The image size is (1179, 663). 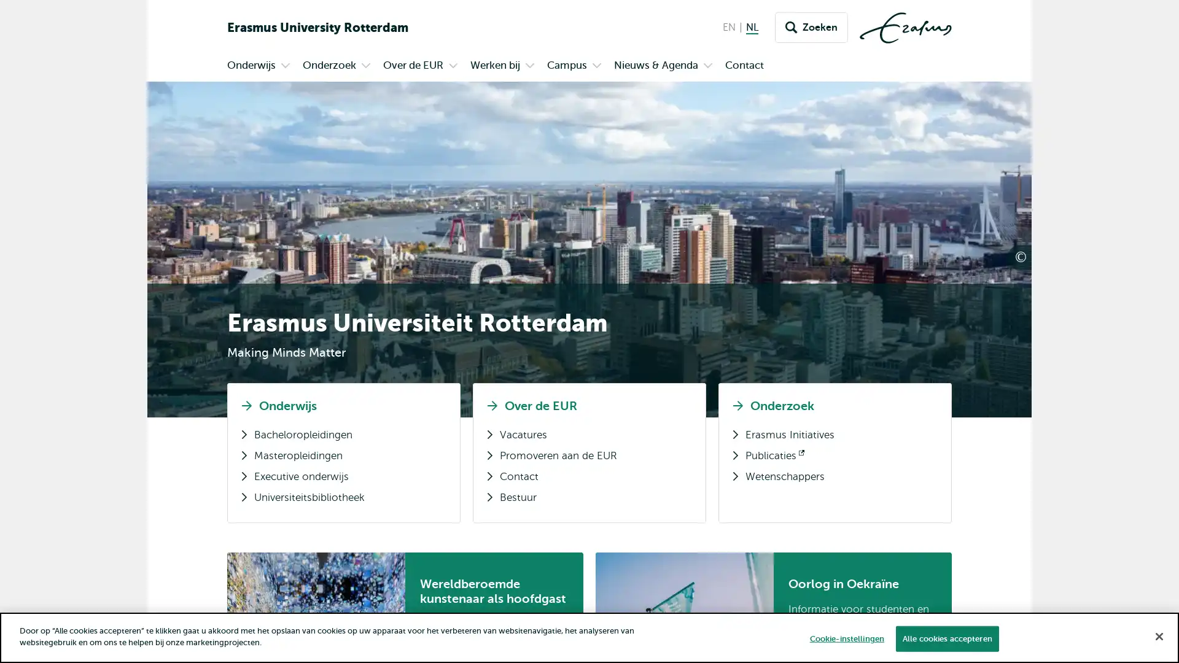 I want to click on Open submenu, so click(x=285, y=66).